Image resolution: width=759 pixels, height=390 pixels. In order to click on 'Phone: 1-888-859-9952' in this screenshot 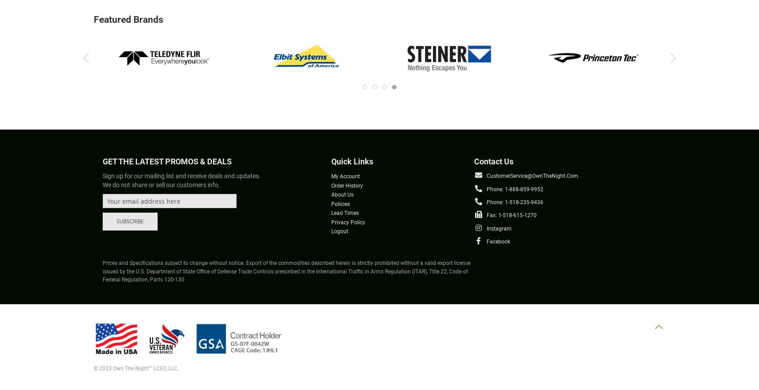, I will do `click(514, 188)`.